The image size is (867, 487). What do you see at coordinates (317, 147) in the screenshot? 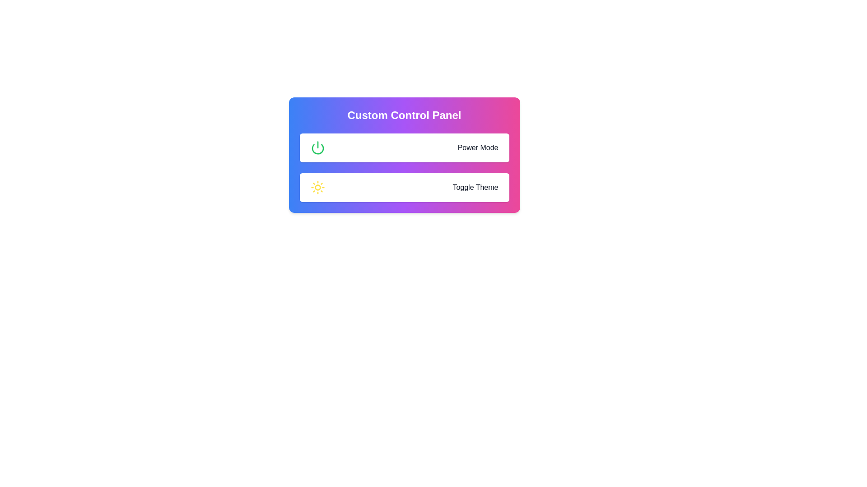
I see `the Power icon to toggle the Power Mode` at bounding box center [317, 147].